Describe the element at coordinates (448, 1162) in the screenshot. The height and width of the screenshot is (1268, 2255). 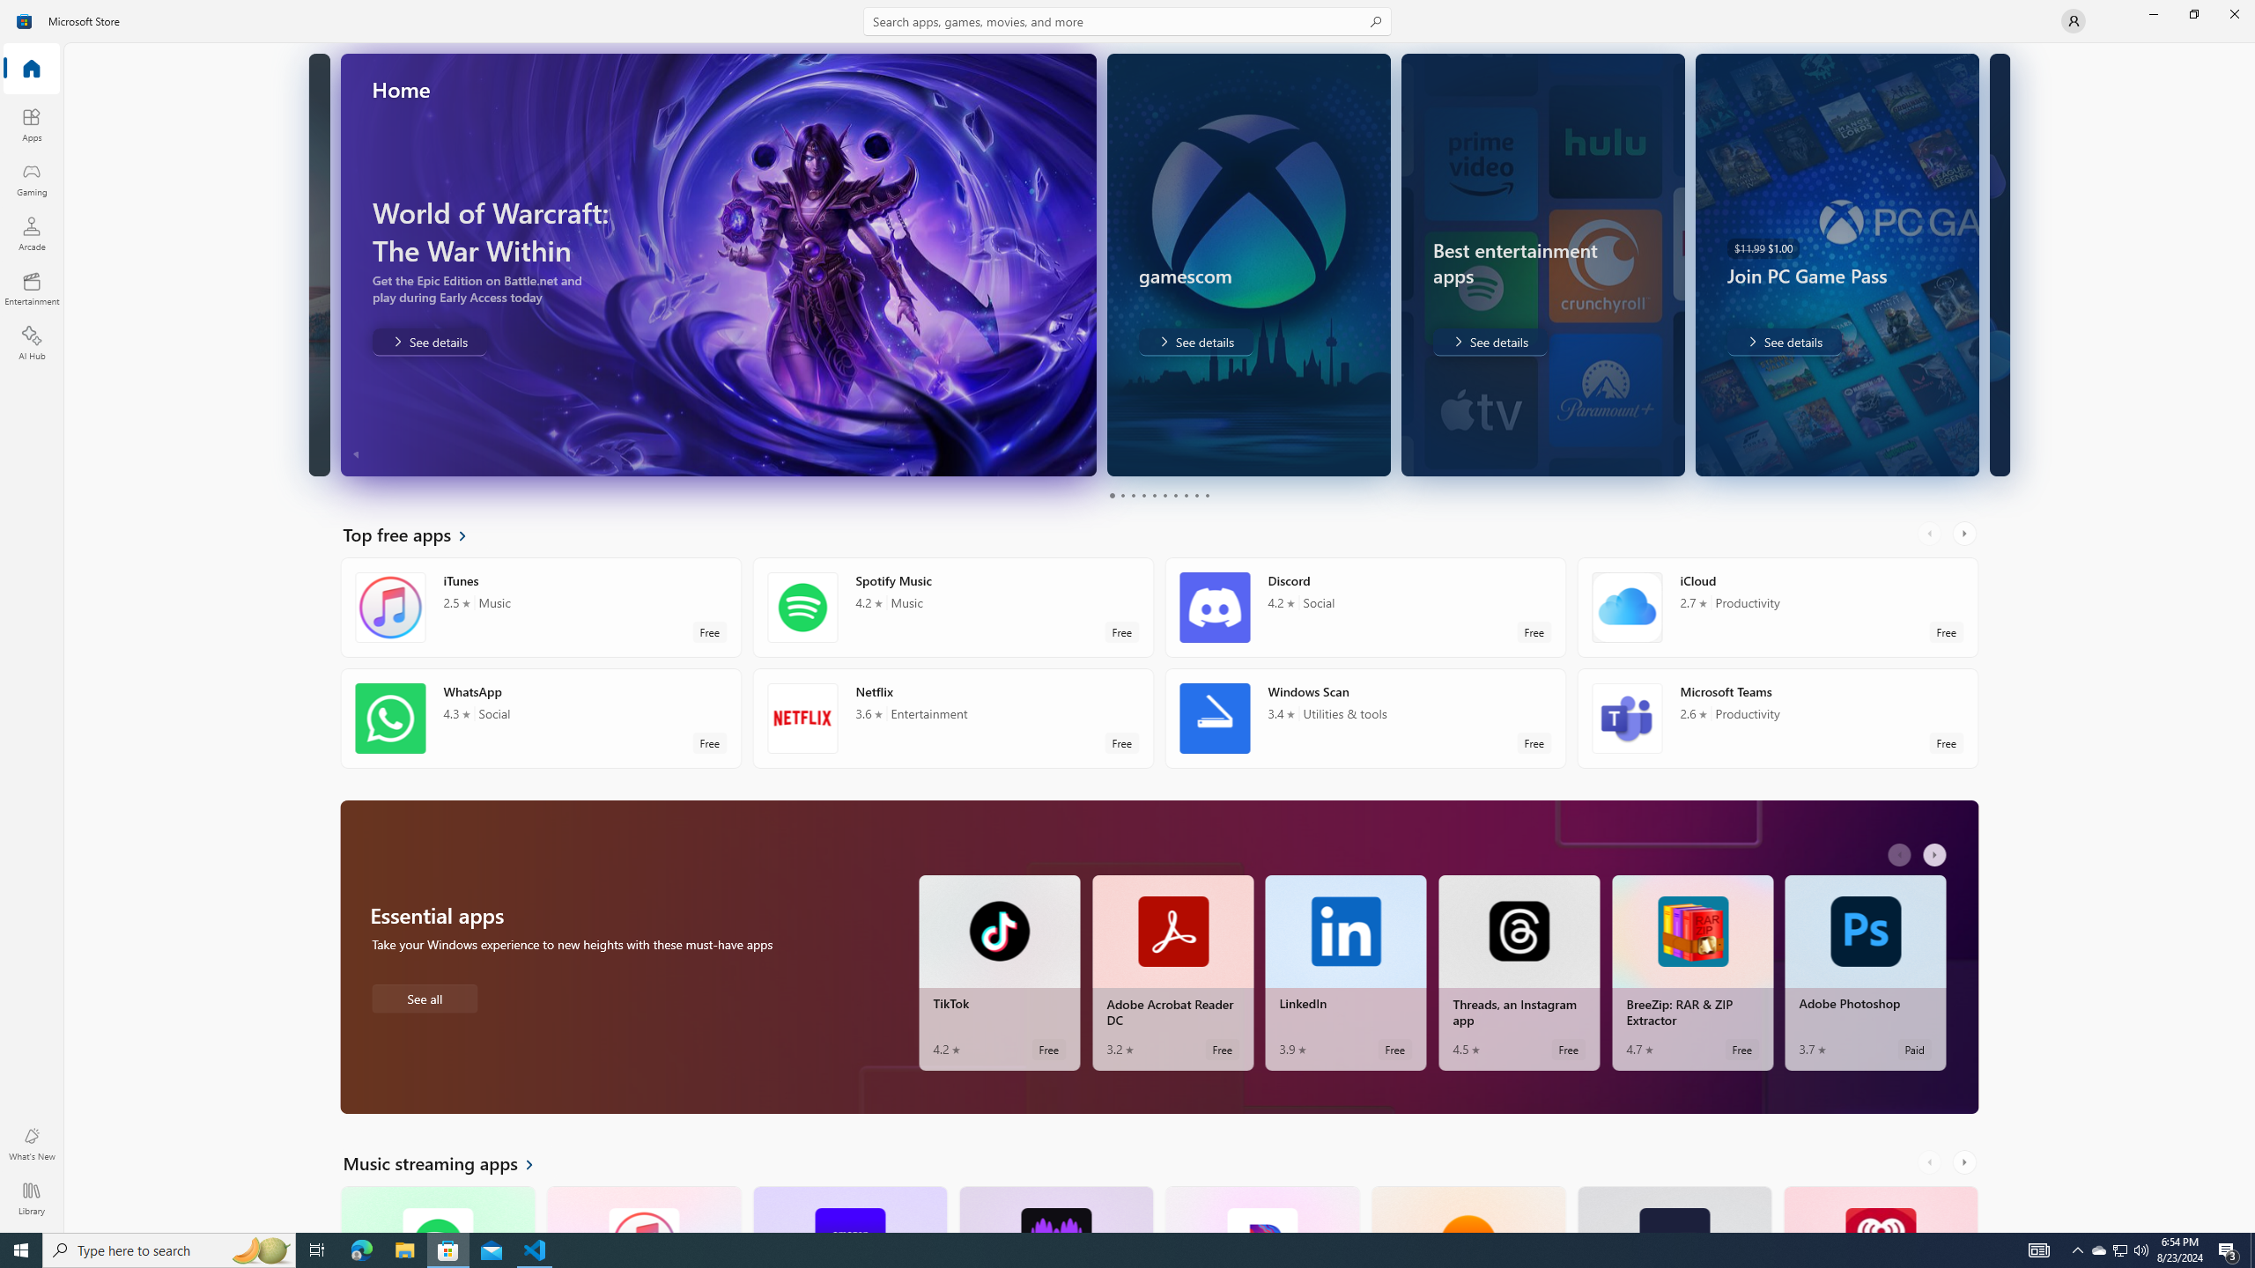
I see `'See all  Music streaming apps'` at that location.